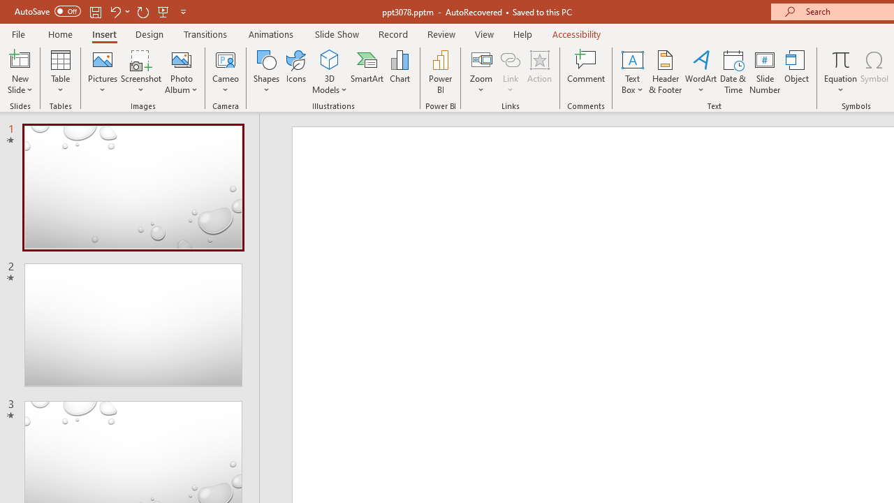  Describe the element at coordinates (539, 72) in the screenshot. I see `'Action'` at that location.